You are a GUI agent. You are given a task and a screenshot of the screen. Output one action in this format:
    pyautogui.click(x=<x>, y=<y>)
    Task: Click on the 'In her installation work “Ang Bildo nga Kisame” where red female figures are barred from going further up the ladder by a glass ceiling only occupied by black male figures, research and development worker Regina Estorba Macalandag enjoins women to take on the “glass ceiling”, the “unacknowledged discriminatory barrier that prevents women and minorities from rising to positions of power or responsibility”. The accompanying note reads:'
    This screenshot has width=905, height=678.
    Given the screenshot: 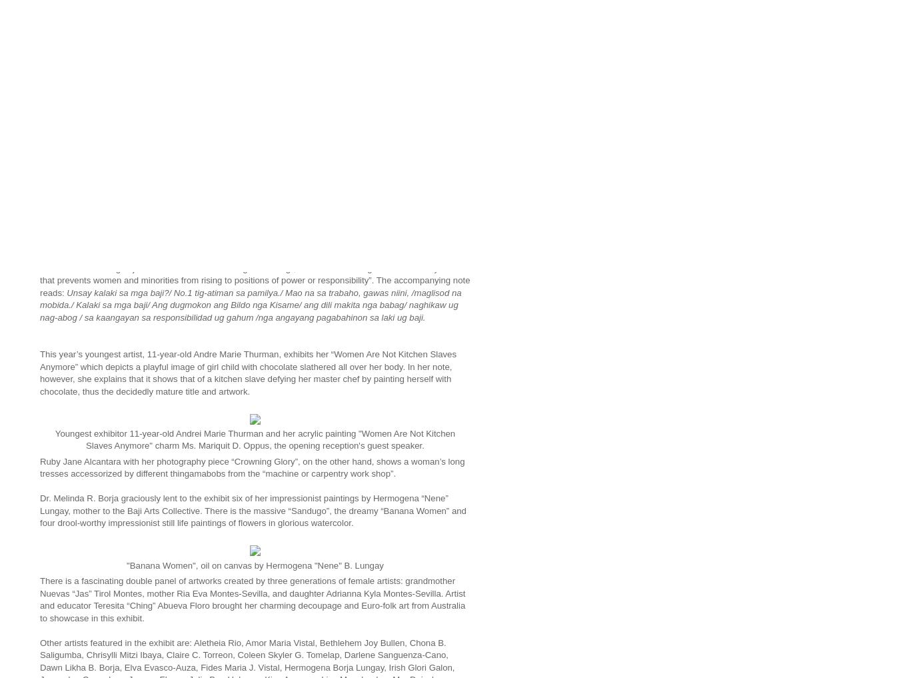 What is the action you would take?
    pyautogui.click(x=255, y=267)
    